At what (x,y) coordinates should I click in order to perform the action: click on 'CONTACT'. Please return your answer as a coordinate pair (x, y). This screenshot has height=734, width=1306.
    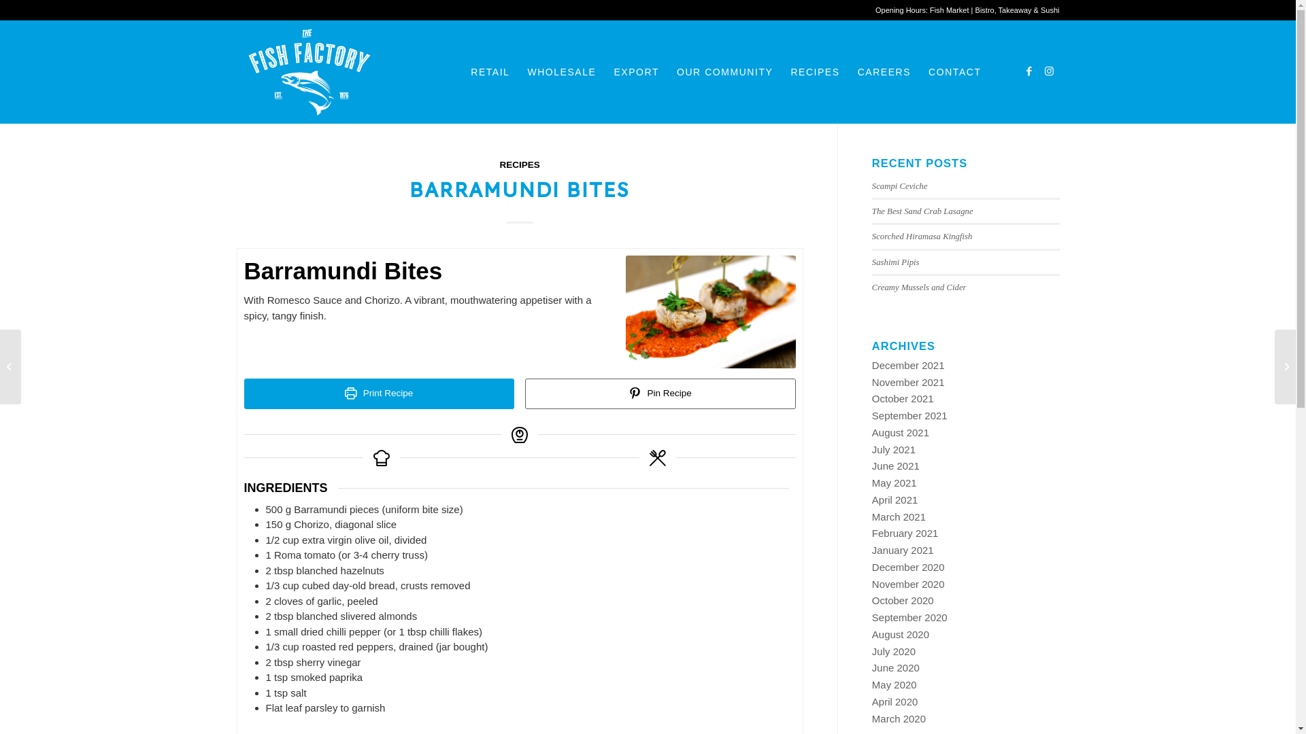
    Looking at the image, I should click on (954, 71).